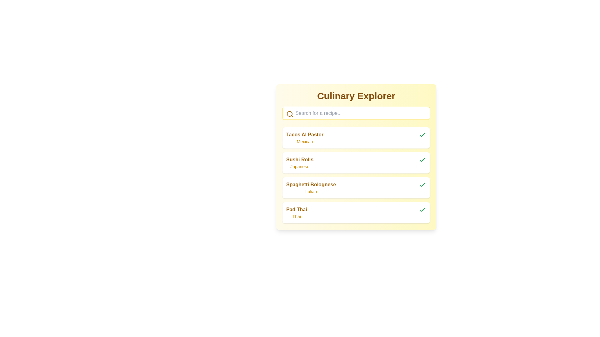 Image resolution: width=600 pixels, height=337 pixels. What do you see at coordinates (311, 191) in the screenshot?
I see `text of the 'Italian' label located below the 'Spaghetti Bolognese' title, which indicates the cuisine type associated with the dish` at bounding box center [311, 191].